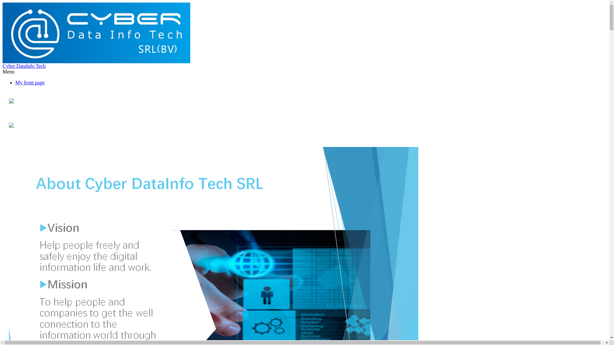 The image size is (614, 345). Describe the element at coordinates (30, 82) in the screenshot. I see `'My front page'` at that location.